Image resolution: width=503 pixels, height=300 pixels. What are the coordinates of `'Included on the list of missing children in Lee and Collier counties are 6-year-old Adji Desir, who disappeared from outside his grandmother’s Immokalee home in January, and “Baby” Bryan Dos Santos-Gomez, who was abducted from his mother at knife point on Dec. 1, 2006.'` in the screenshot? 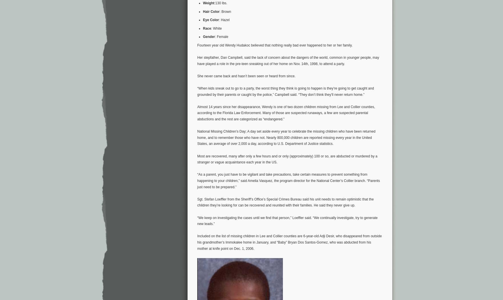 It's located at (289, 242).